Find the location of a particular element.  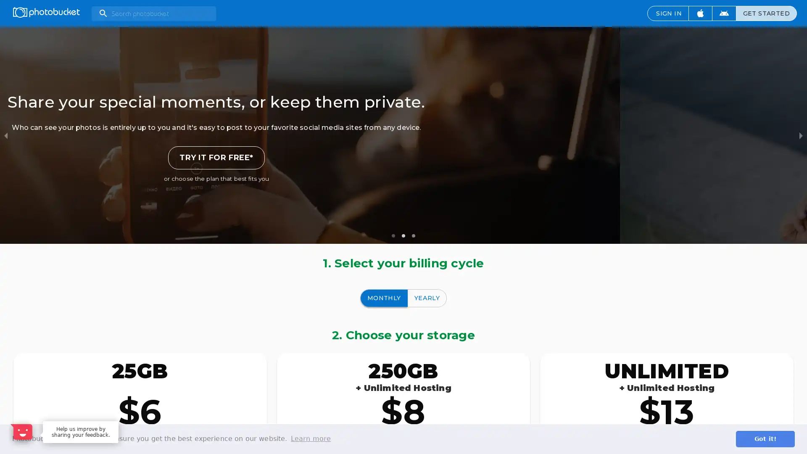

Download iOS is located at coordinates (700, 13).